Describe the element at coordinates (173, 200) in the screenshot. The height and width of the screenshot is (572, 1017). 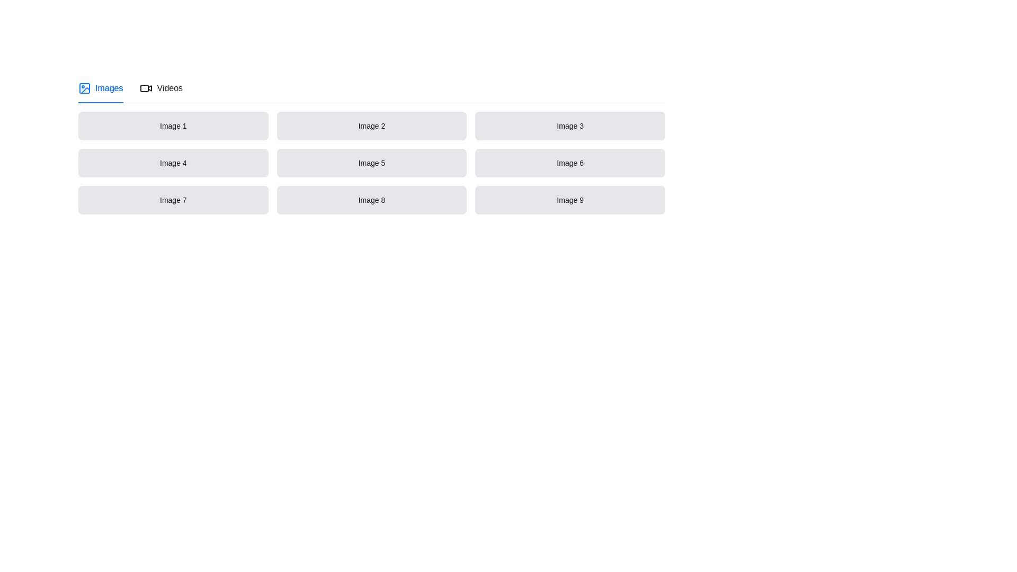
I see `the 'Image 7' text label located` at that location.